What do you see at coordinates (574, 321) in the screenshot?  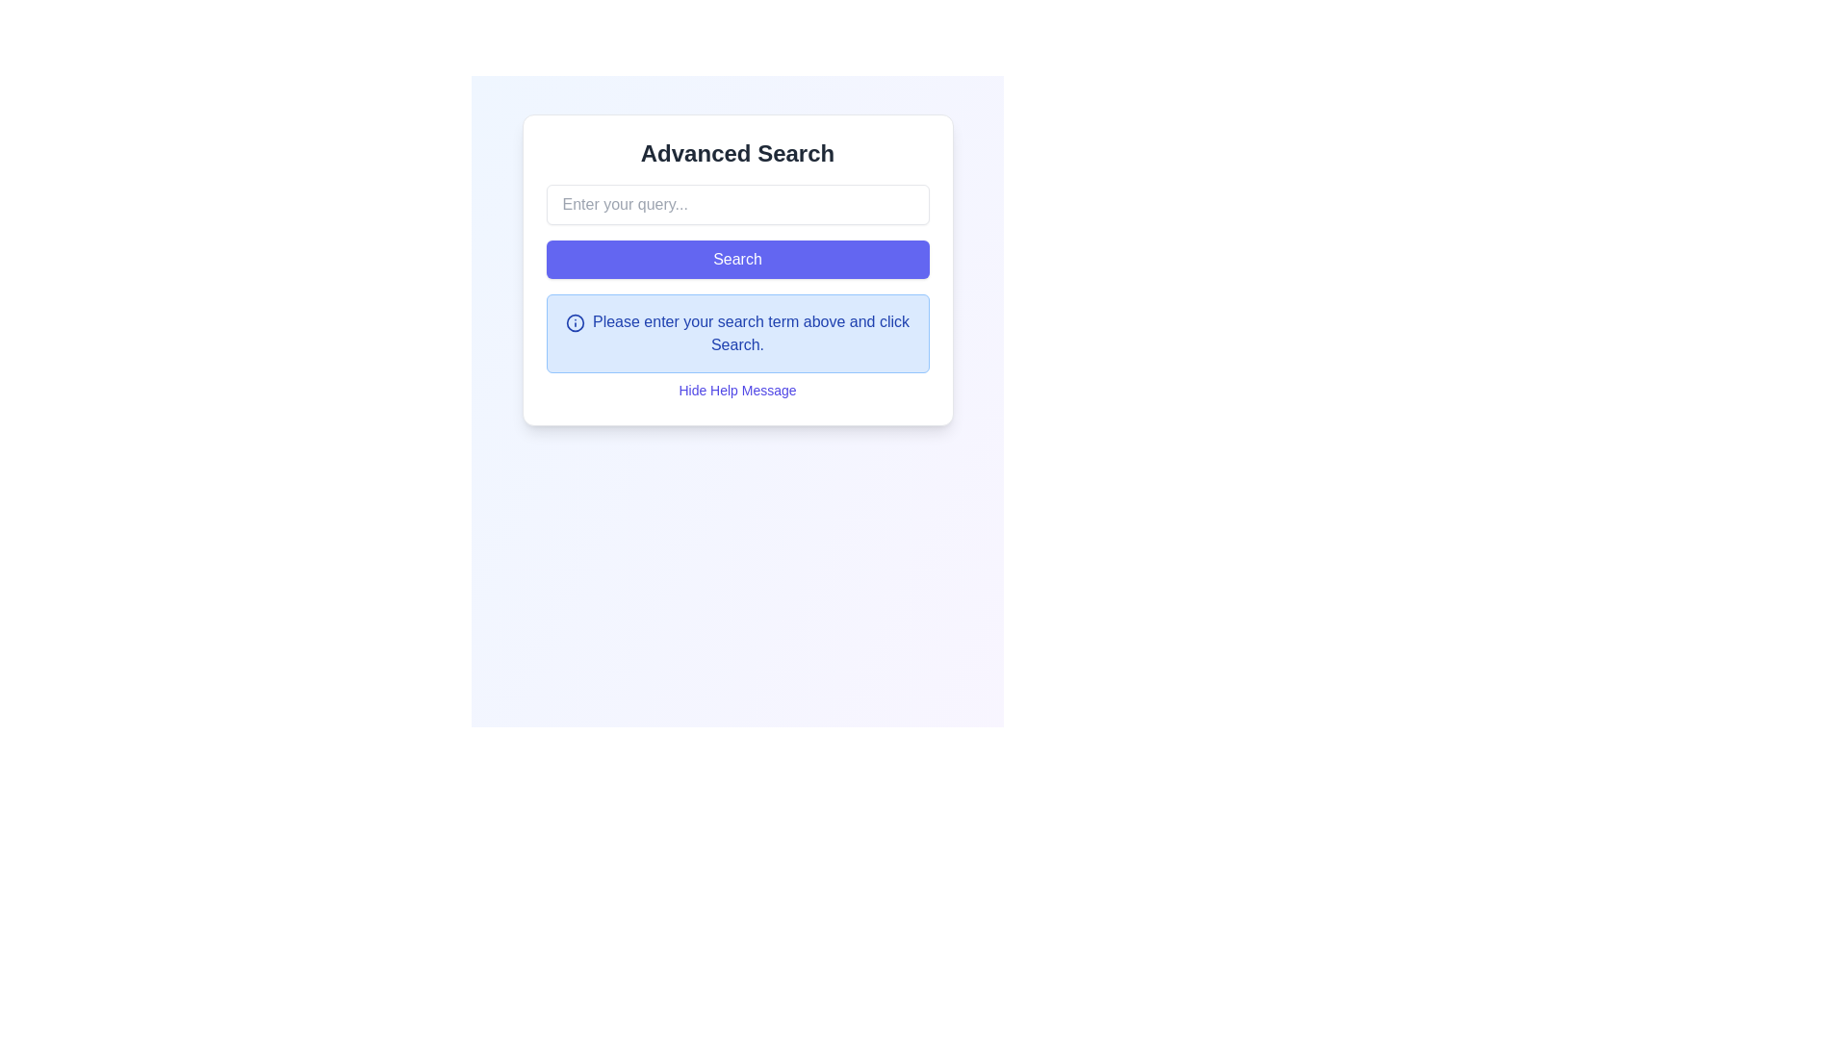 I see `the informational icon located on the left side of the rectangular notification box with a light blue background` at bounding box center [574, 321].